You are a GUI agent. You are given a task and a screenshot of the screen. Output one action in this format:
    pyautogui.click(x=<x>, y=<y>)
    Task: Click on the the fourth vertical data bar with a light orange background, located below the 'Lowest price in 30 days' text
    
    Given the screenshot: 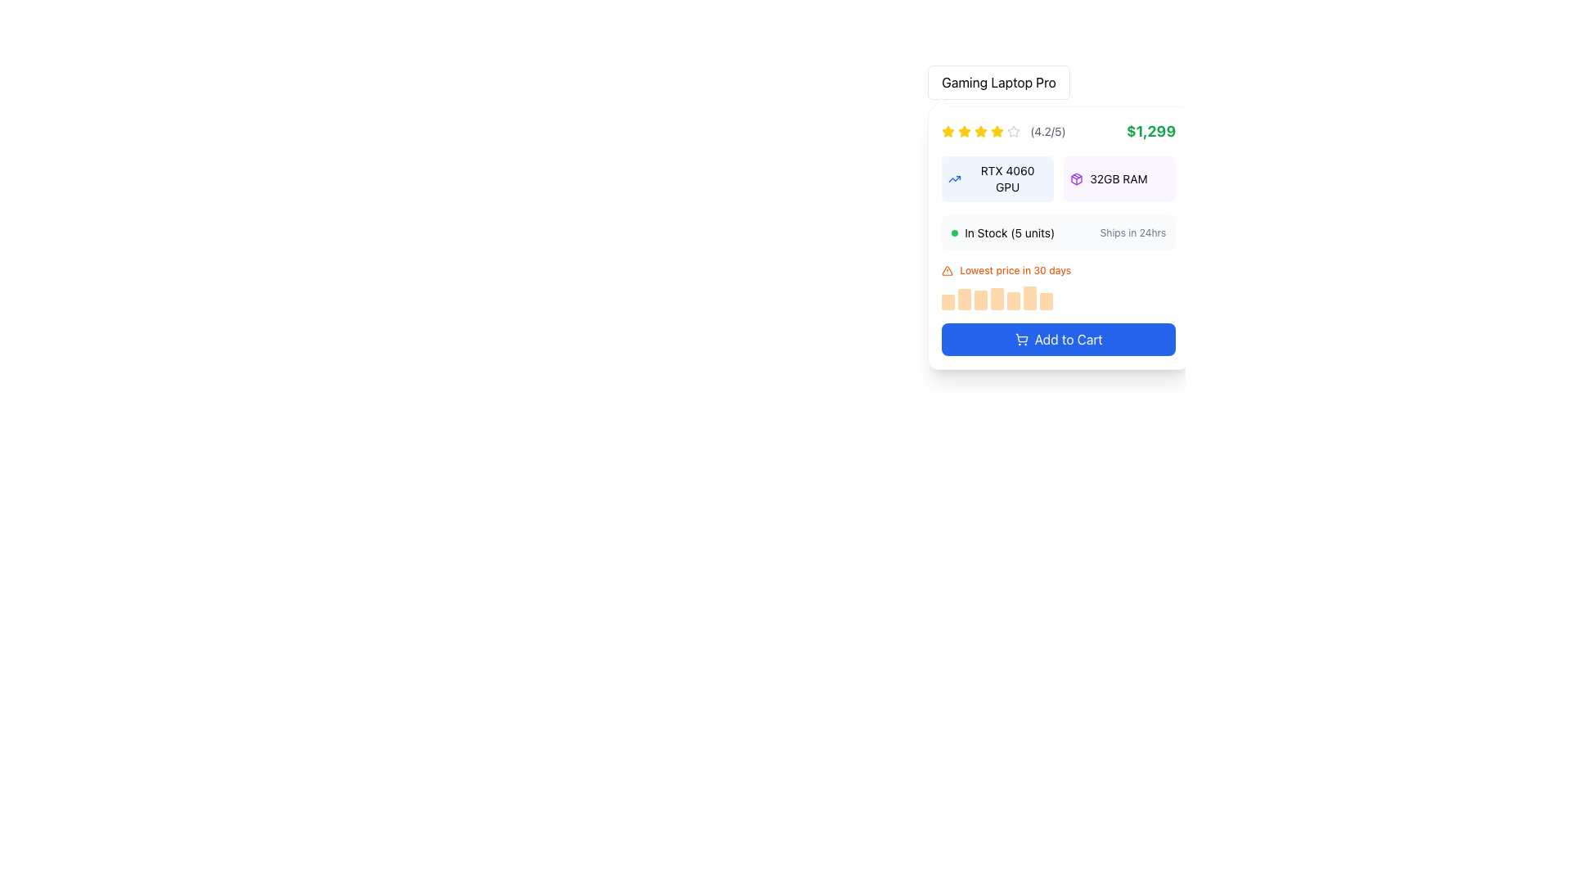 What is the action you would take?
    pyautogui.click(x=997, y=299)
    